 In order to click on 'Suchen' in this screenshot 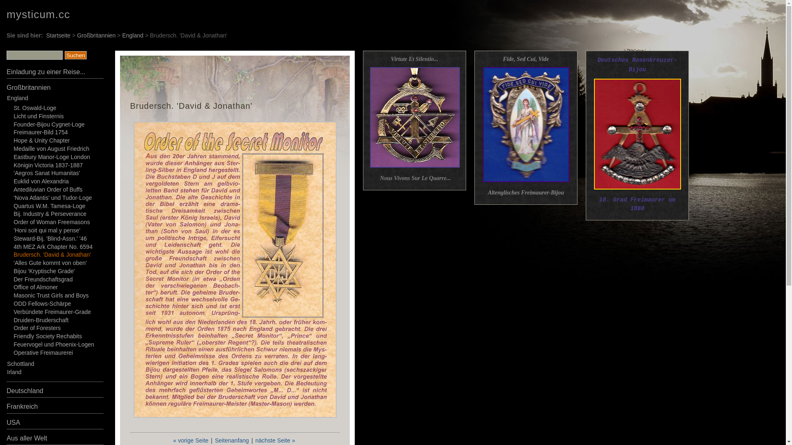, I will do `click(75, 55)`.